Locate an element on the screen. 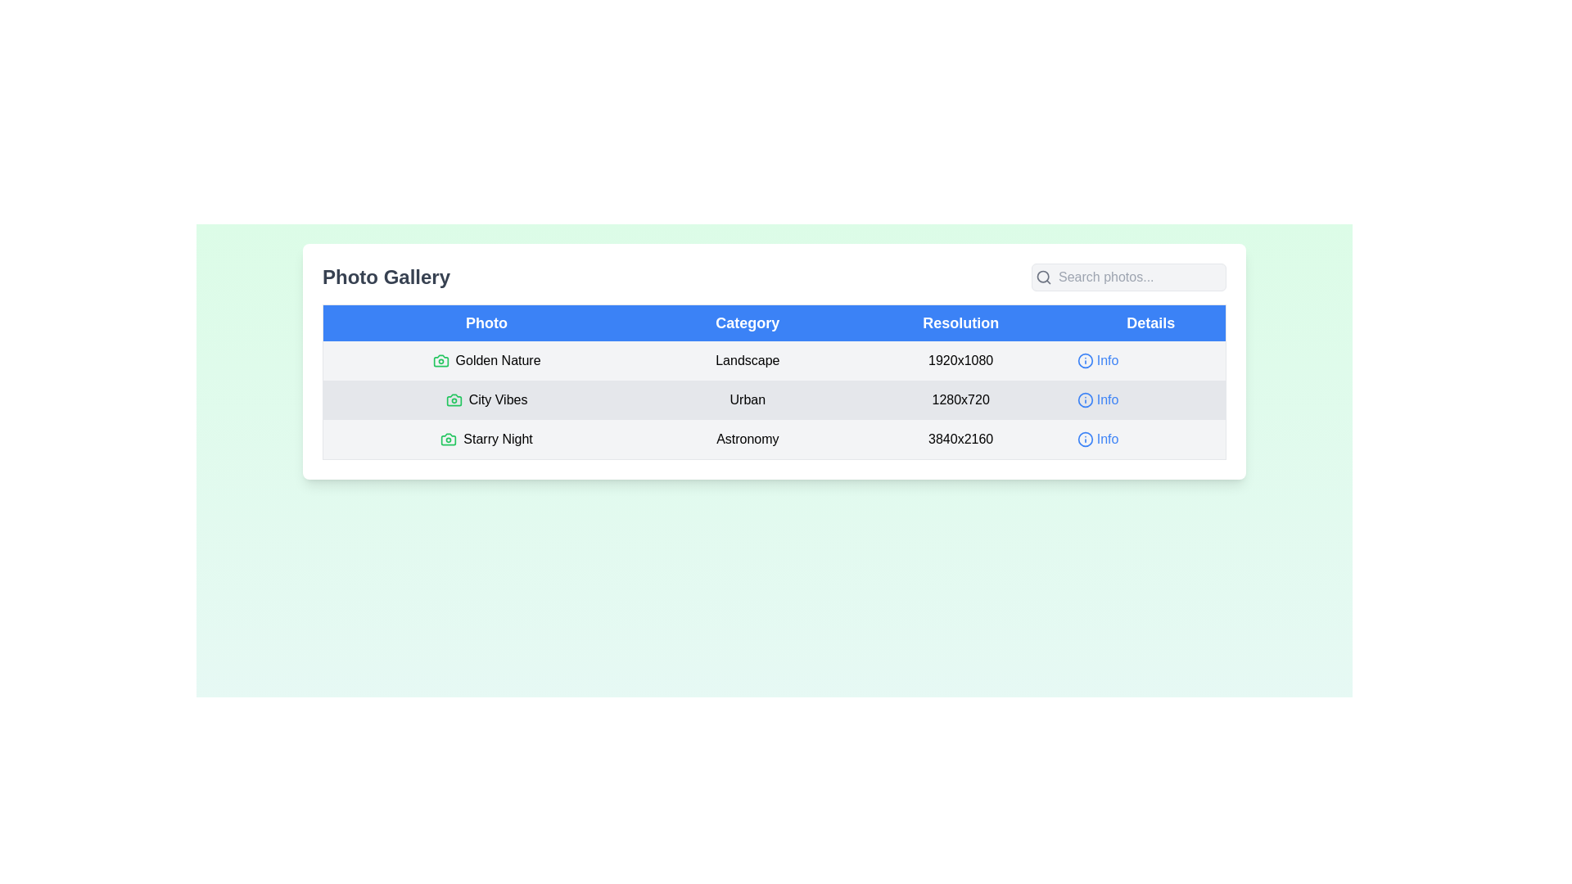 The height and width of the screenshot is (884, 1572). the 'Details' label in the data table header is located at coordinates (1150, 322).